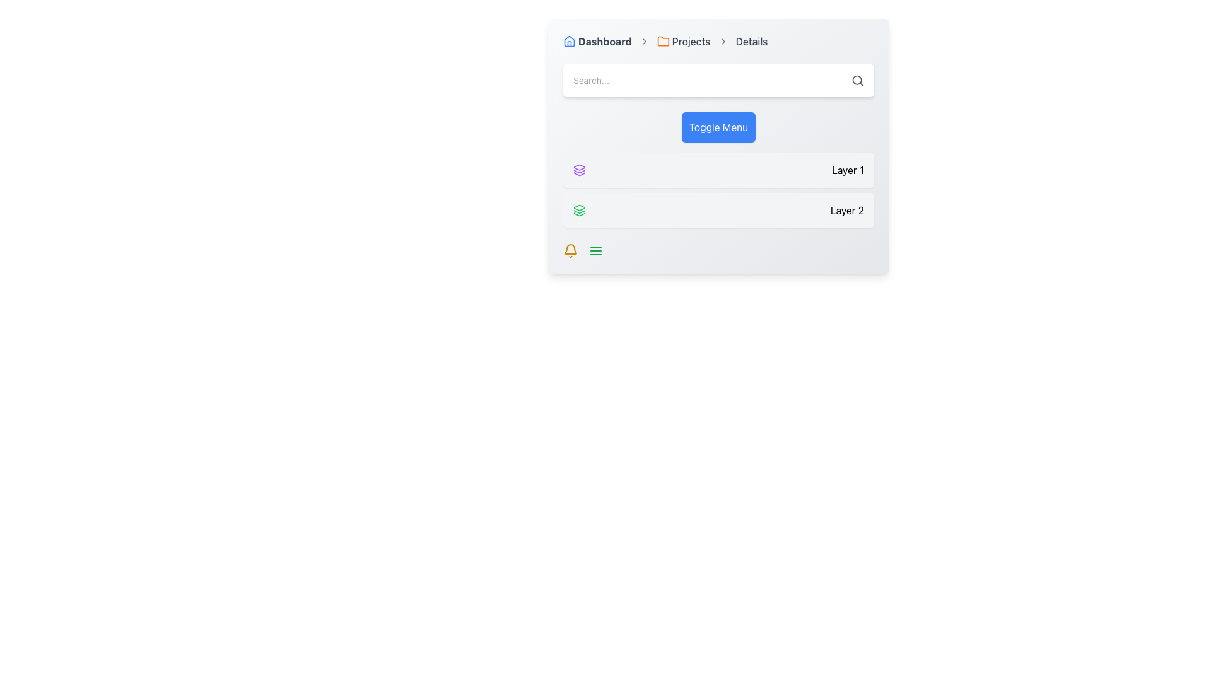 The image size is (1211, 681). I want to click on the search icon located at the rightmost side of the top search bar, which serves as an interactive trigger for initiating a search operation, so click(857, 80).